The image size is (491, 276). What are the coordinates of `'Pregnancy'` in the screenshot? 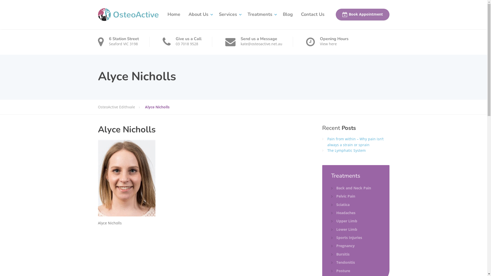 It's located at (343, 245).